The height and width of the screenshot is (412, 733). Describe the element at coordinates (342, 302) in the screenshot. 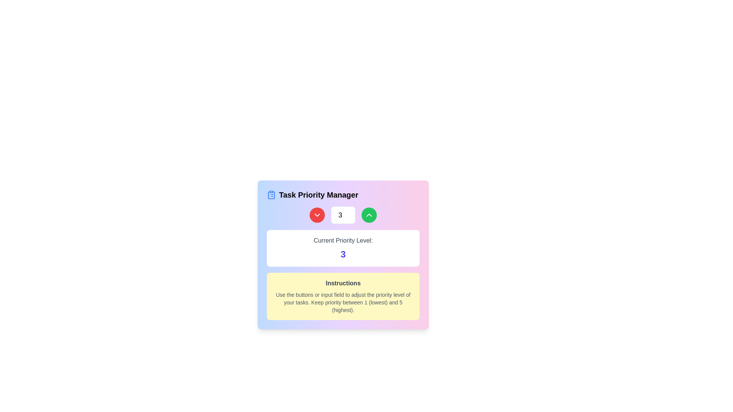

I see `the instructional text paragraph styled in a smaller font size and grayish color, located below the 'Instructions' title within a yellow background box` at that location.